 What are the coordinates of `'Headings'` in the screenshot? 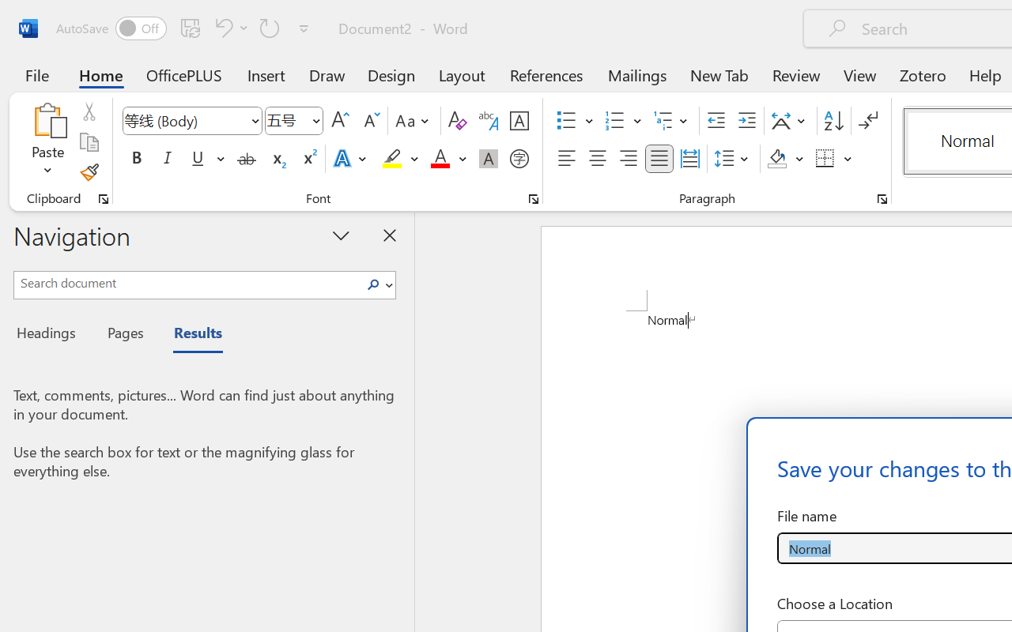 It's located at (51, 335).